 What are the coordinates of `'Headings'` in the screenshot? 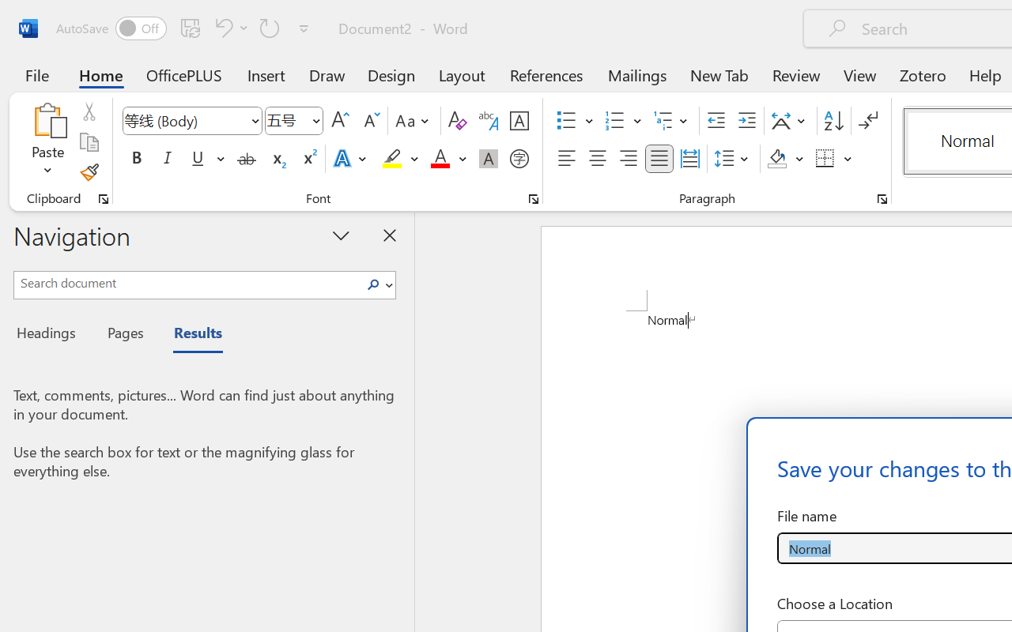 It's located at (51, 335).